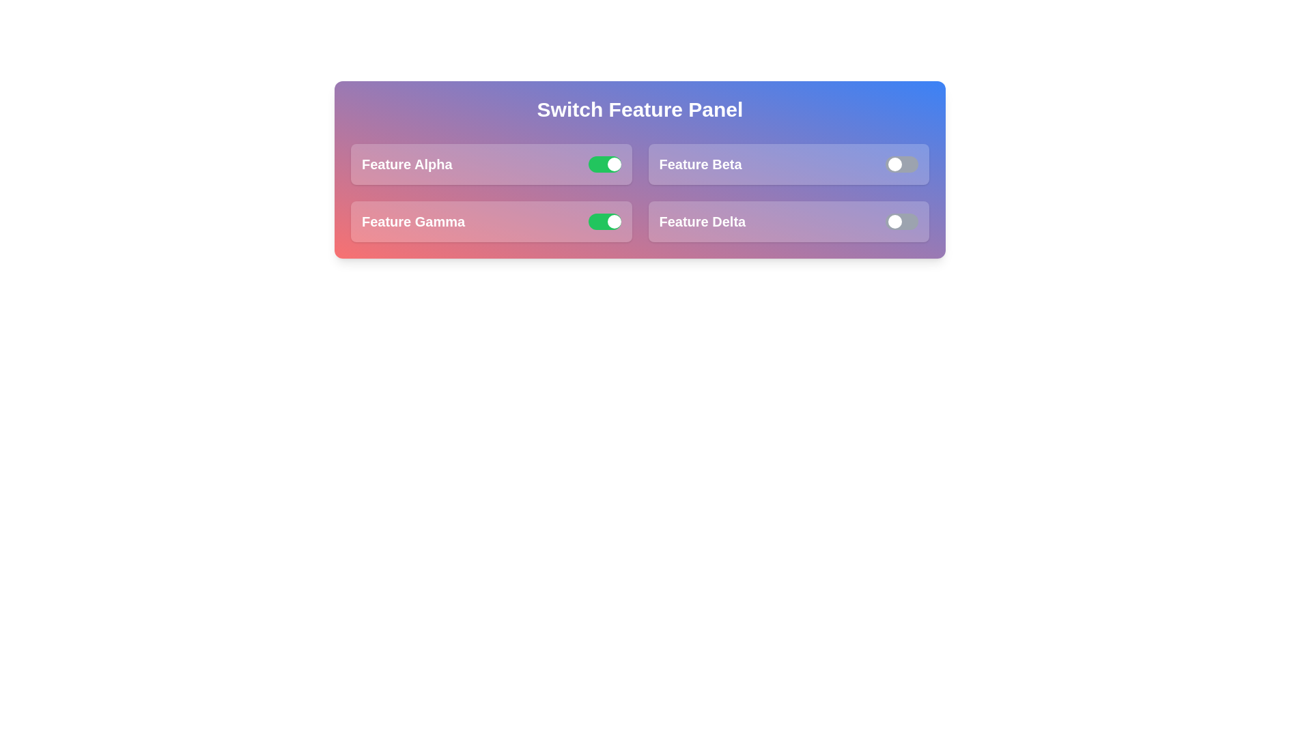  What do you see at coordinates (901, 220) in the screenshot?
I see `the switch for Feature Delta` at bounding box center [901, 220].